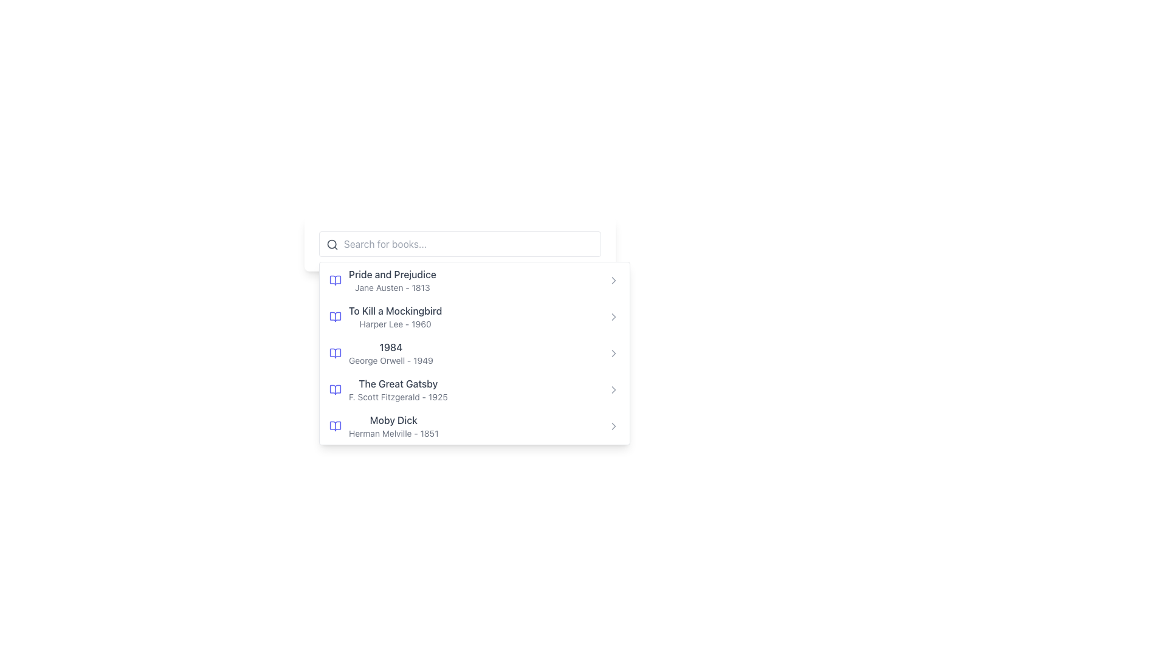 The width and height of the screenshot is (1167, 656). I want to click on the circular SVG graphic that is part of the search icon located at the top-left corner of the search bar, so click(332, 244).